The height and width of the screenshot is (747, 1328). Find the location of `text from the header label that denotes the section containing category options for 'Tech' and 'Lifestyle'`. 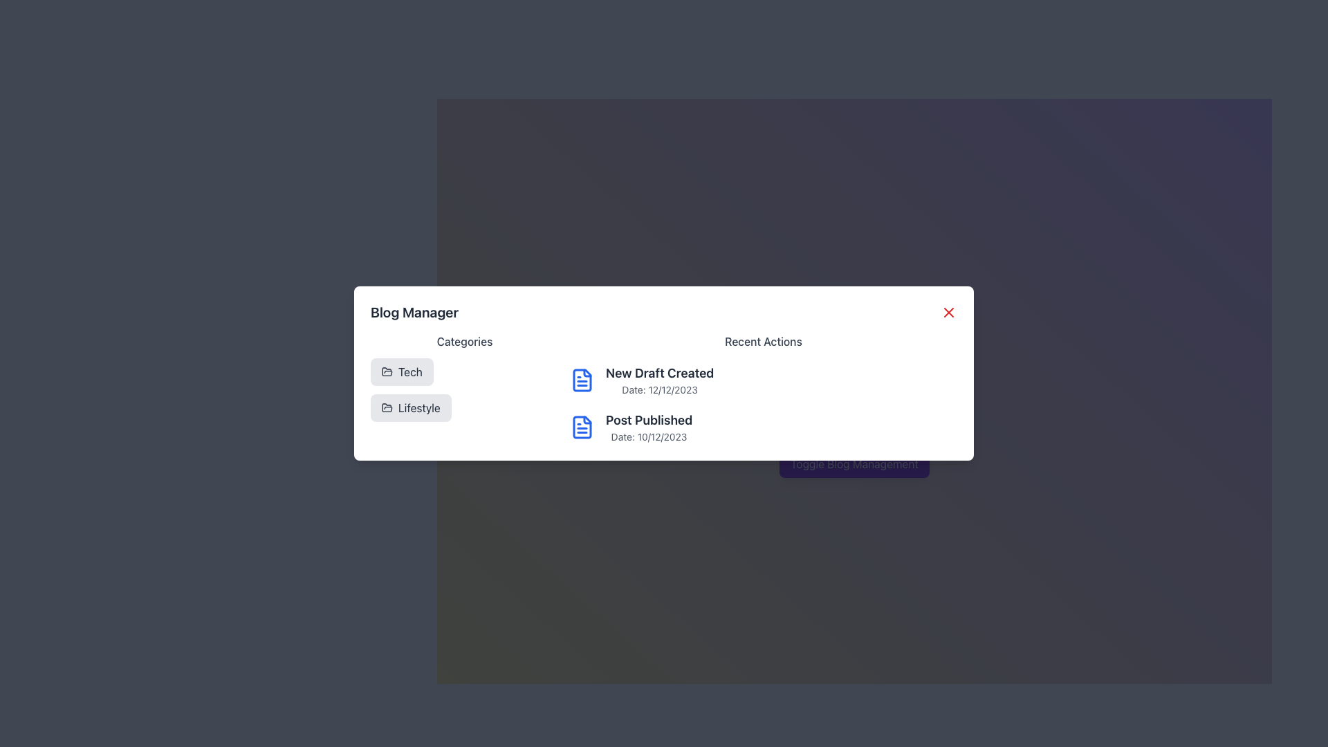

text from the header label that denotes the section containing category options for 'Tech' and 'Lifestyle' is located at coordinates (465, 341).